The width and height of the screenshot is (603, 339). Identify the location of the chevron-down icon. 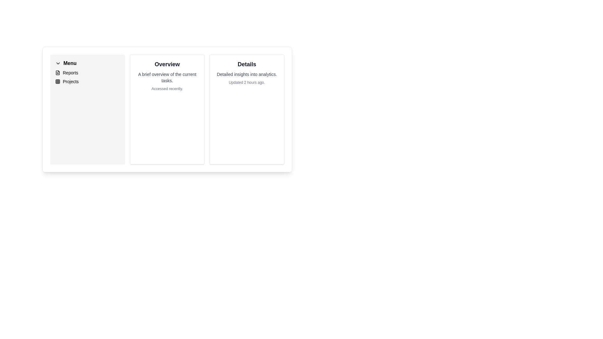
(58, 63).